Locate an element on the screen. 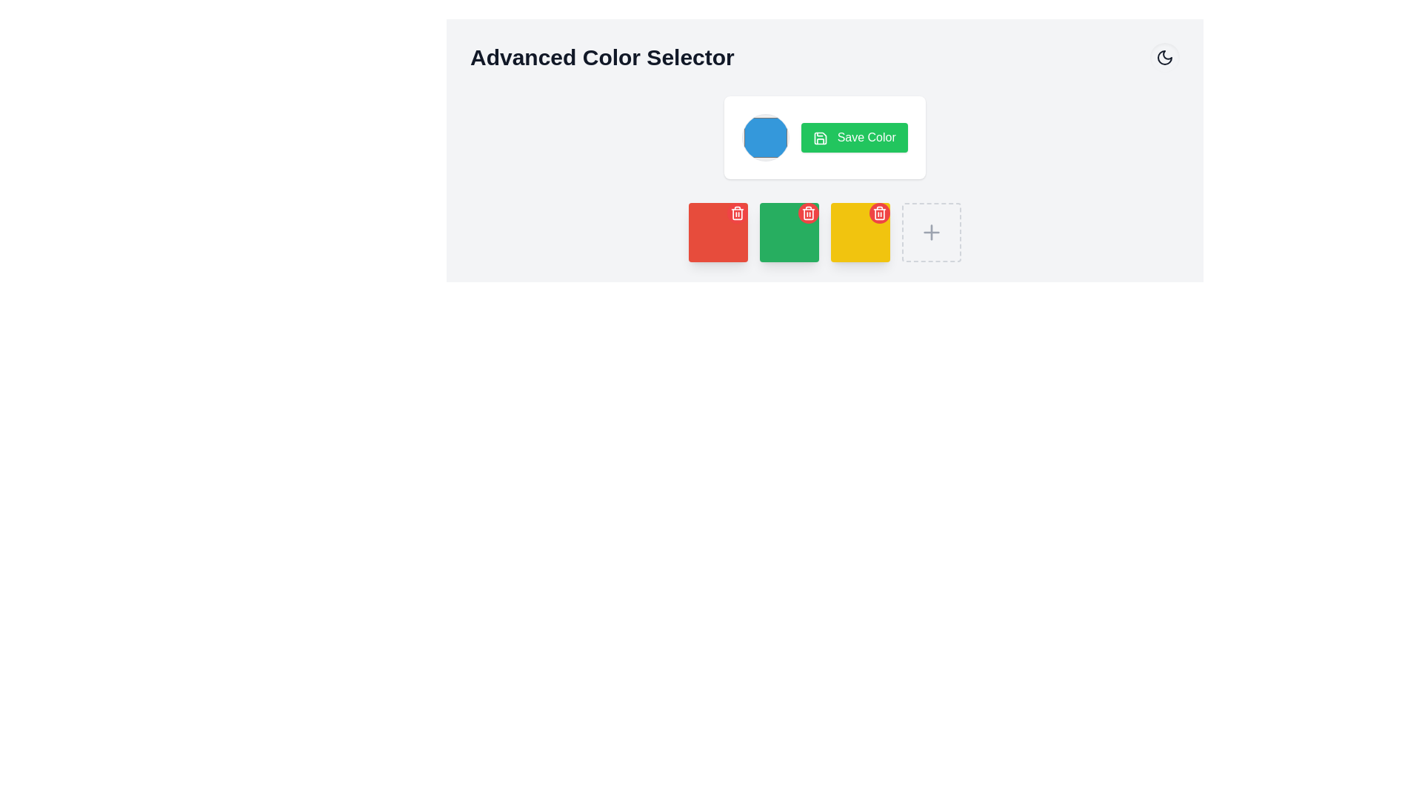 This screenshot has height=800, width=1422. the selectable color button located to the left of the 'Save Color' button is located at coordinates (765, 137).